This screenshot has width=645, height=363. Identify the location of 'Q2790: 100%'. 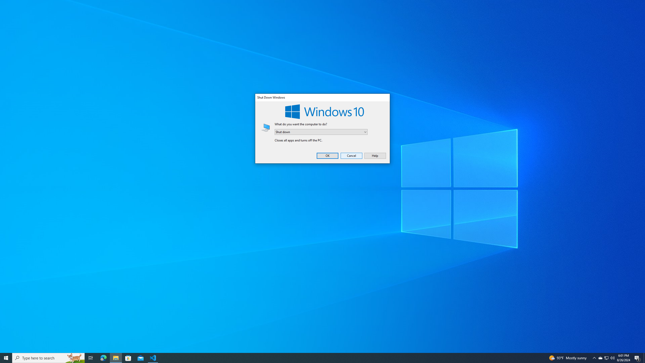
(612, 357).